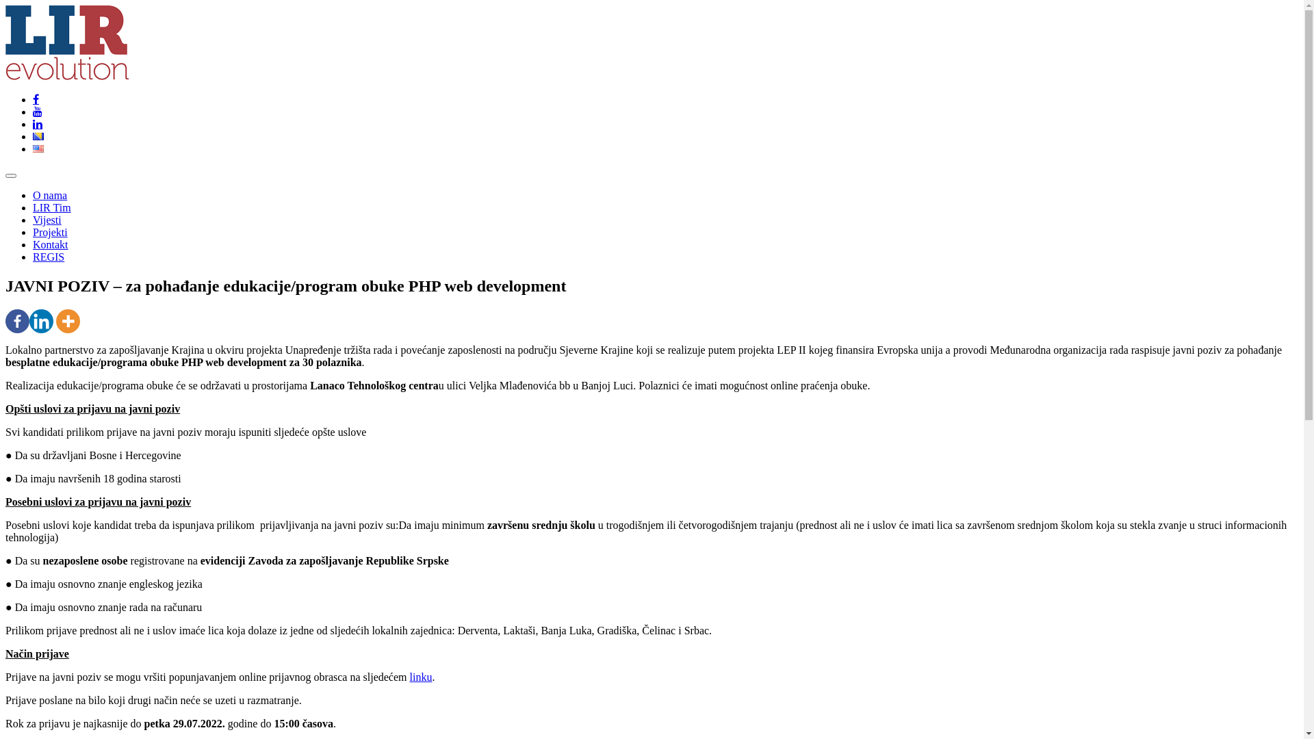  Describe the element at coordinates (17, 321) in the screenshot. I see `'Facebook'` at that location.